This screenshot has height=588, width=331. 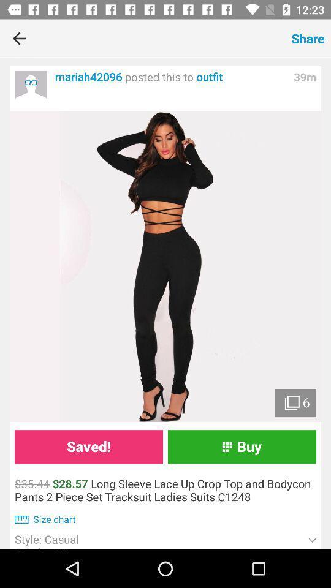 I want to click on the icon to the left of 39m item, so click(x=170, y=77).